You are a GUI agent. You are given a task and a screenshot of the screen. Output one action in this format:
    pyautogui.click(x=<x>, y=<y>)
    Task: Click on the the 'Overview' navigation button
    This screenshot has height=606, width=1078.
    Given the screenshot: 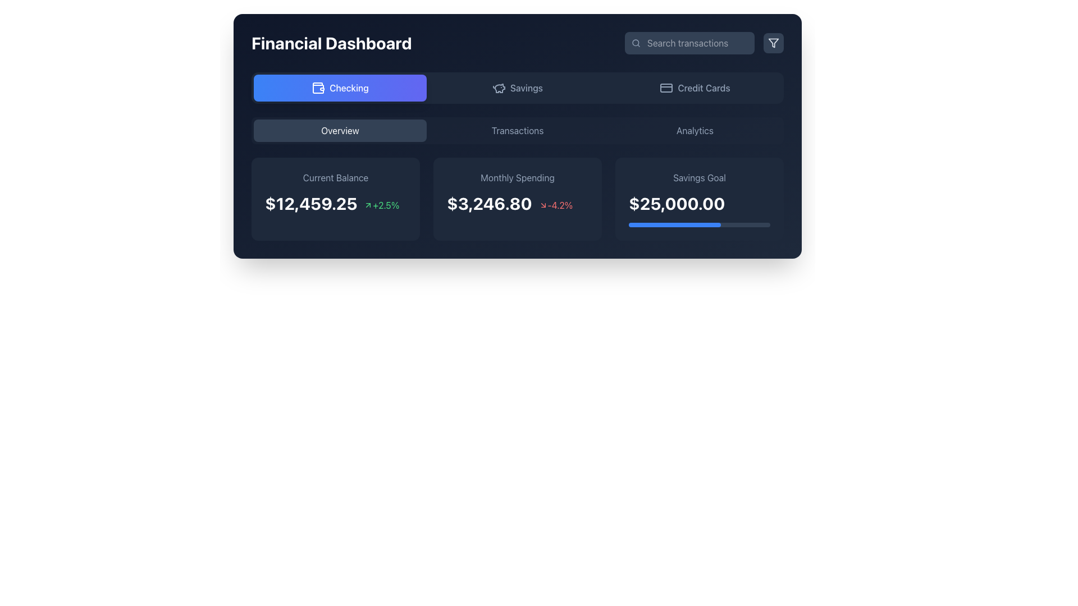 What is the action you would take?
    pyautogui.click(x=339, y=130)
    